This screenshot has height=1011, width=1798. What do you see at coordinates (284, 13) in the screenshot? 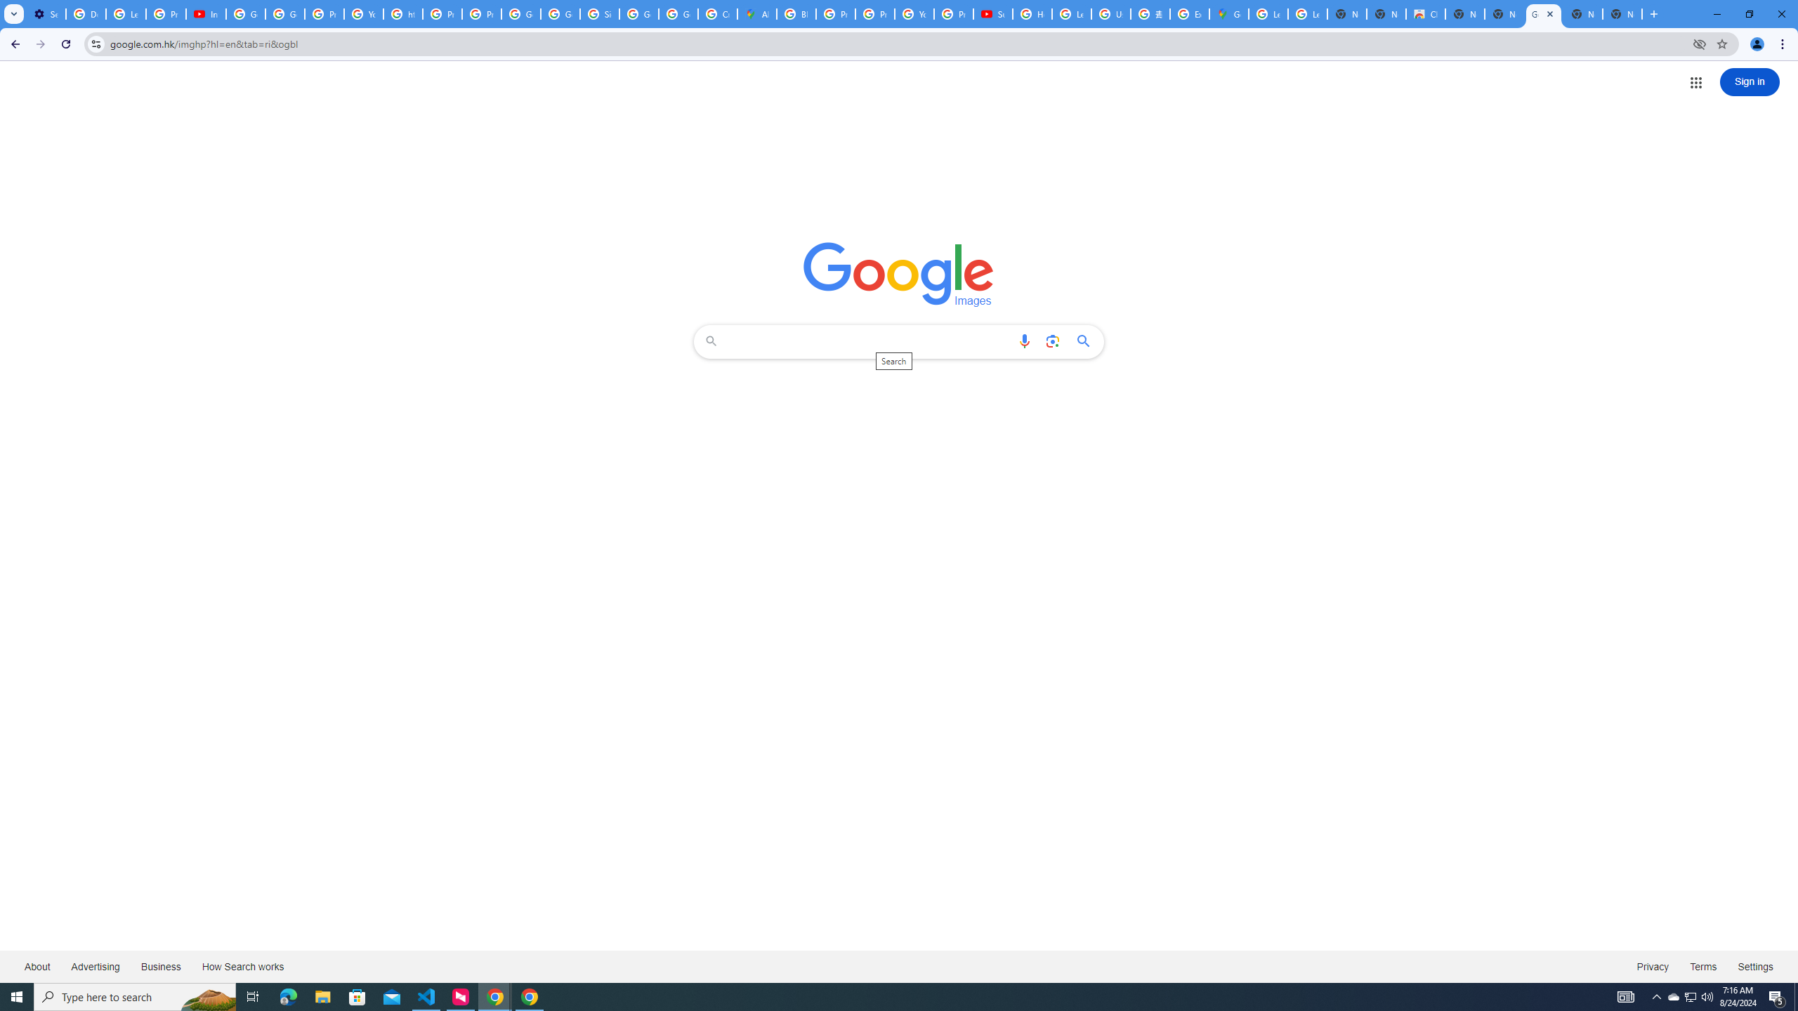
I see `'Google Account Help'` at bounding box center [284, 13].